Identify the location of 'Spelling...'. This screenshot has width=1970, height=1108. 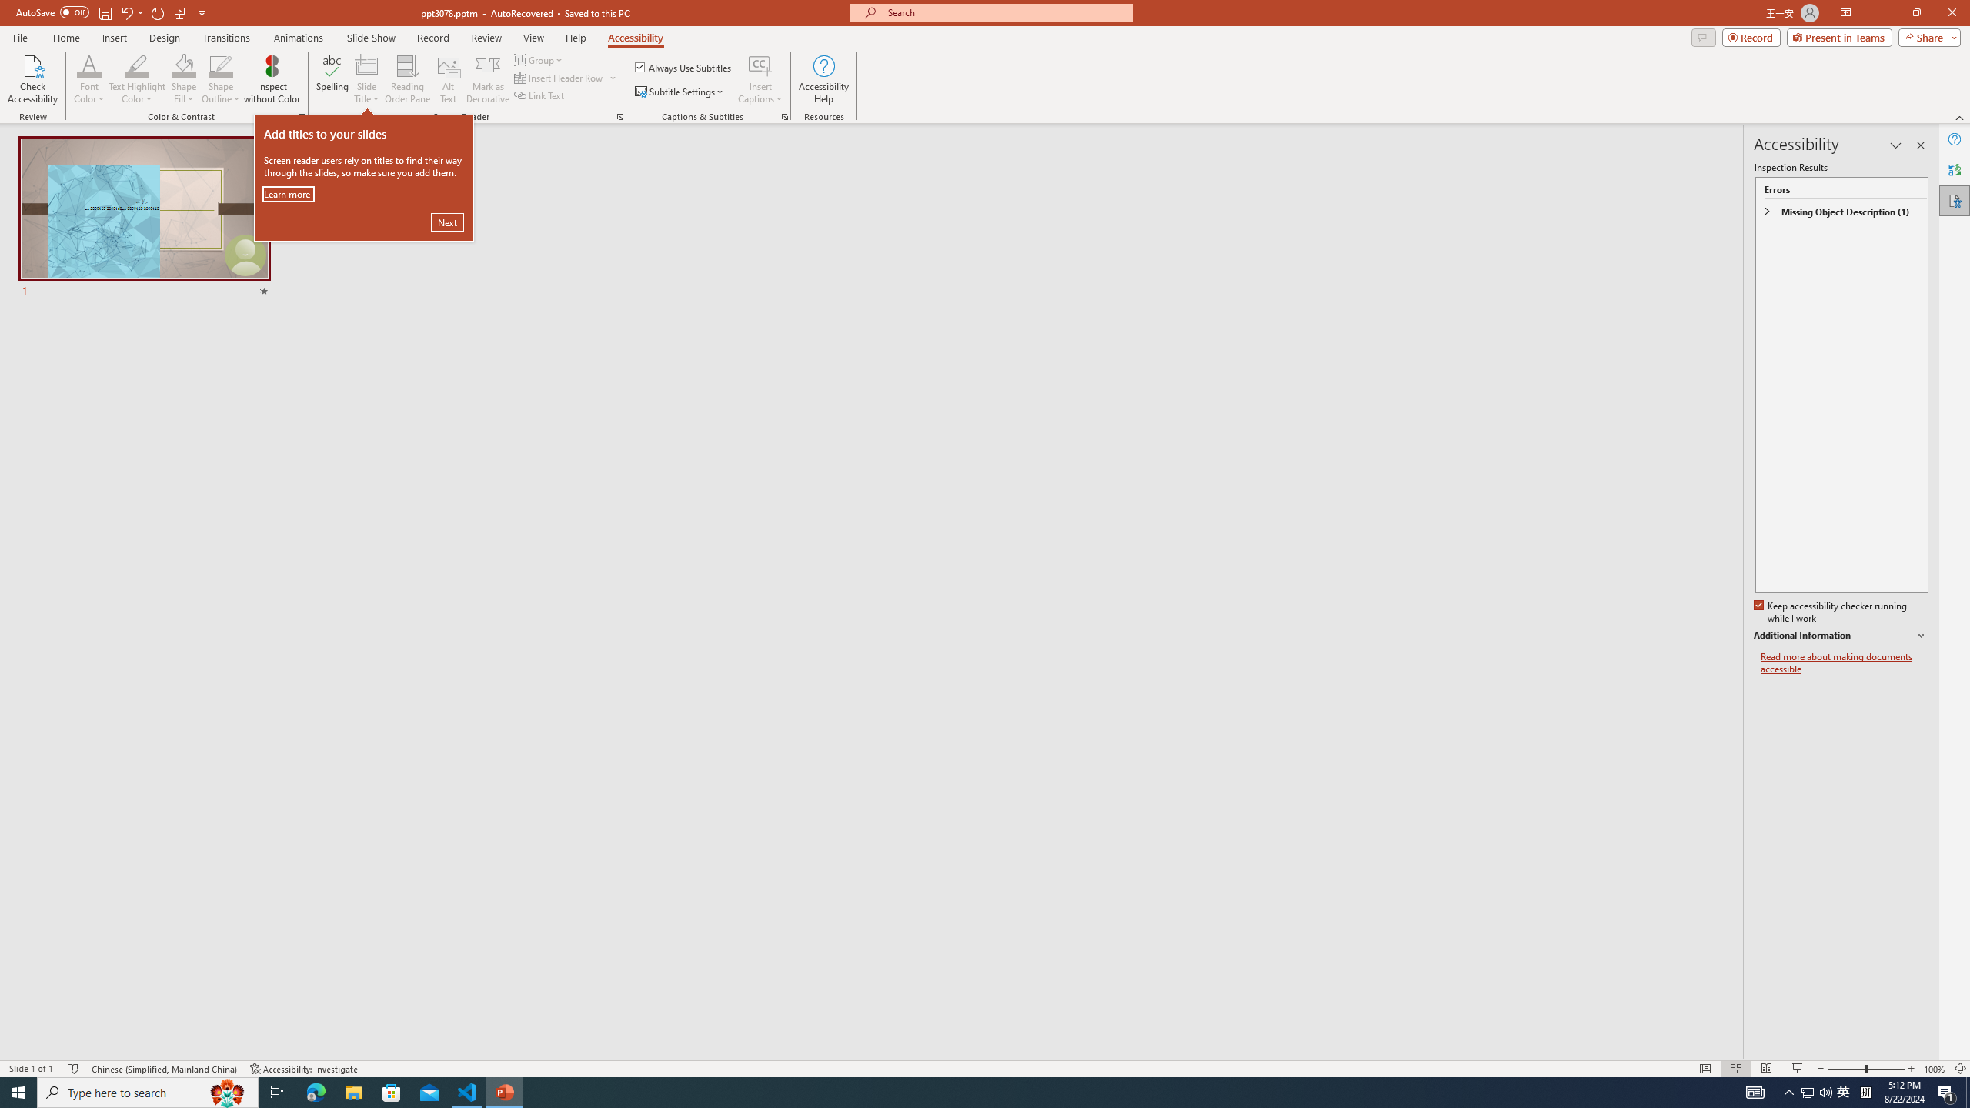
(332, 79).